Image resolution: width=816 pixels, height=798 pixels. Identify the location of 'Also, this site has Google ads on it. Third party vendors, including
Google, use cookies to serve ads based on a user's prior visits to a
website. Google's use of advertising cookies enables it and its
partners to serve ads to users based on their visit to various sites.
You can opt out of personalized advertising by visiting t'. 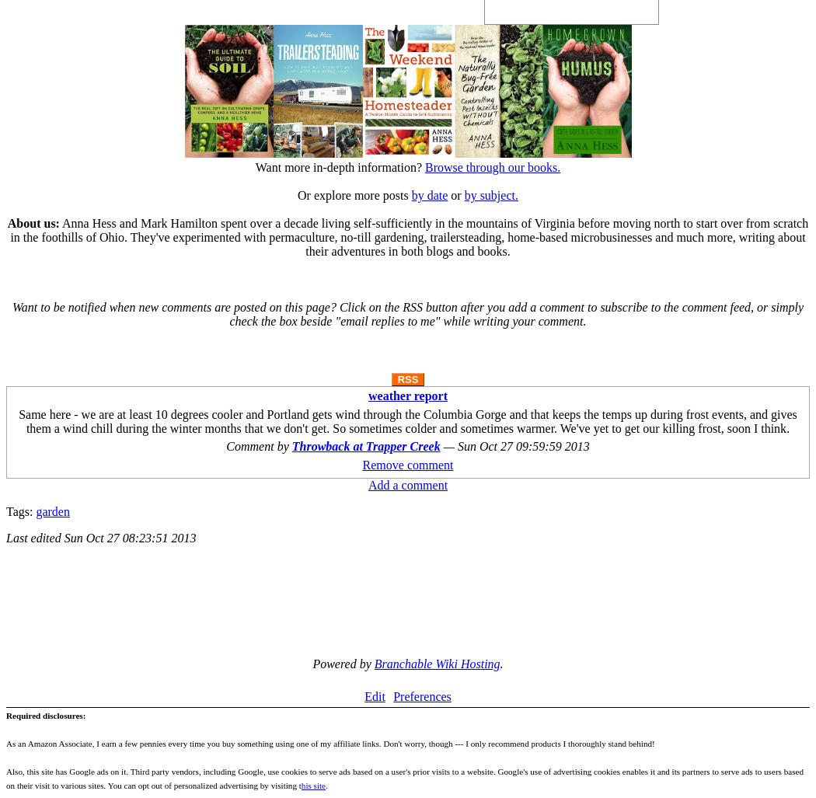
(403, 777).